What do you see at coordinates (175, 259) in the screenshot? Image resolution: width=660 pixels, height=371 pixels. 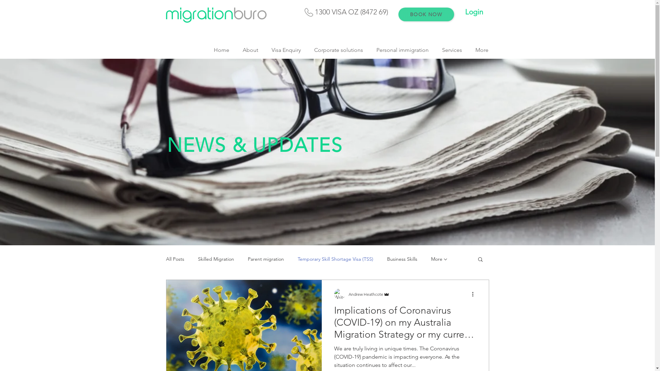 I see `'All Posts'` at bounding box center [175, 259].